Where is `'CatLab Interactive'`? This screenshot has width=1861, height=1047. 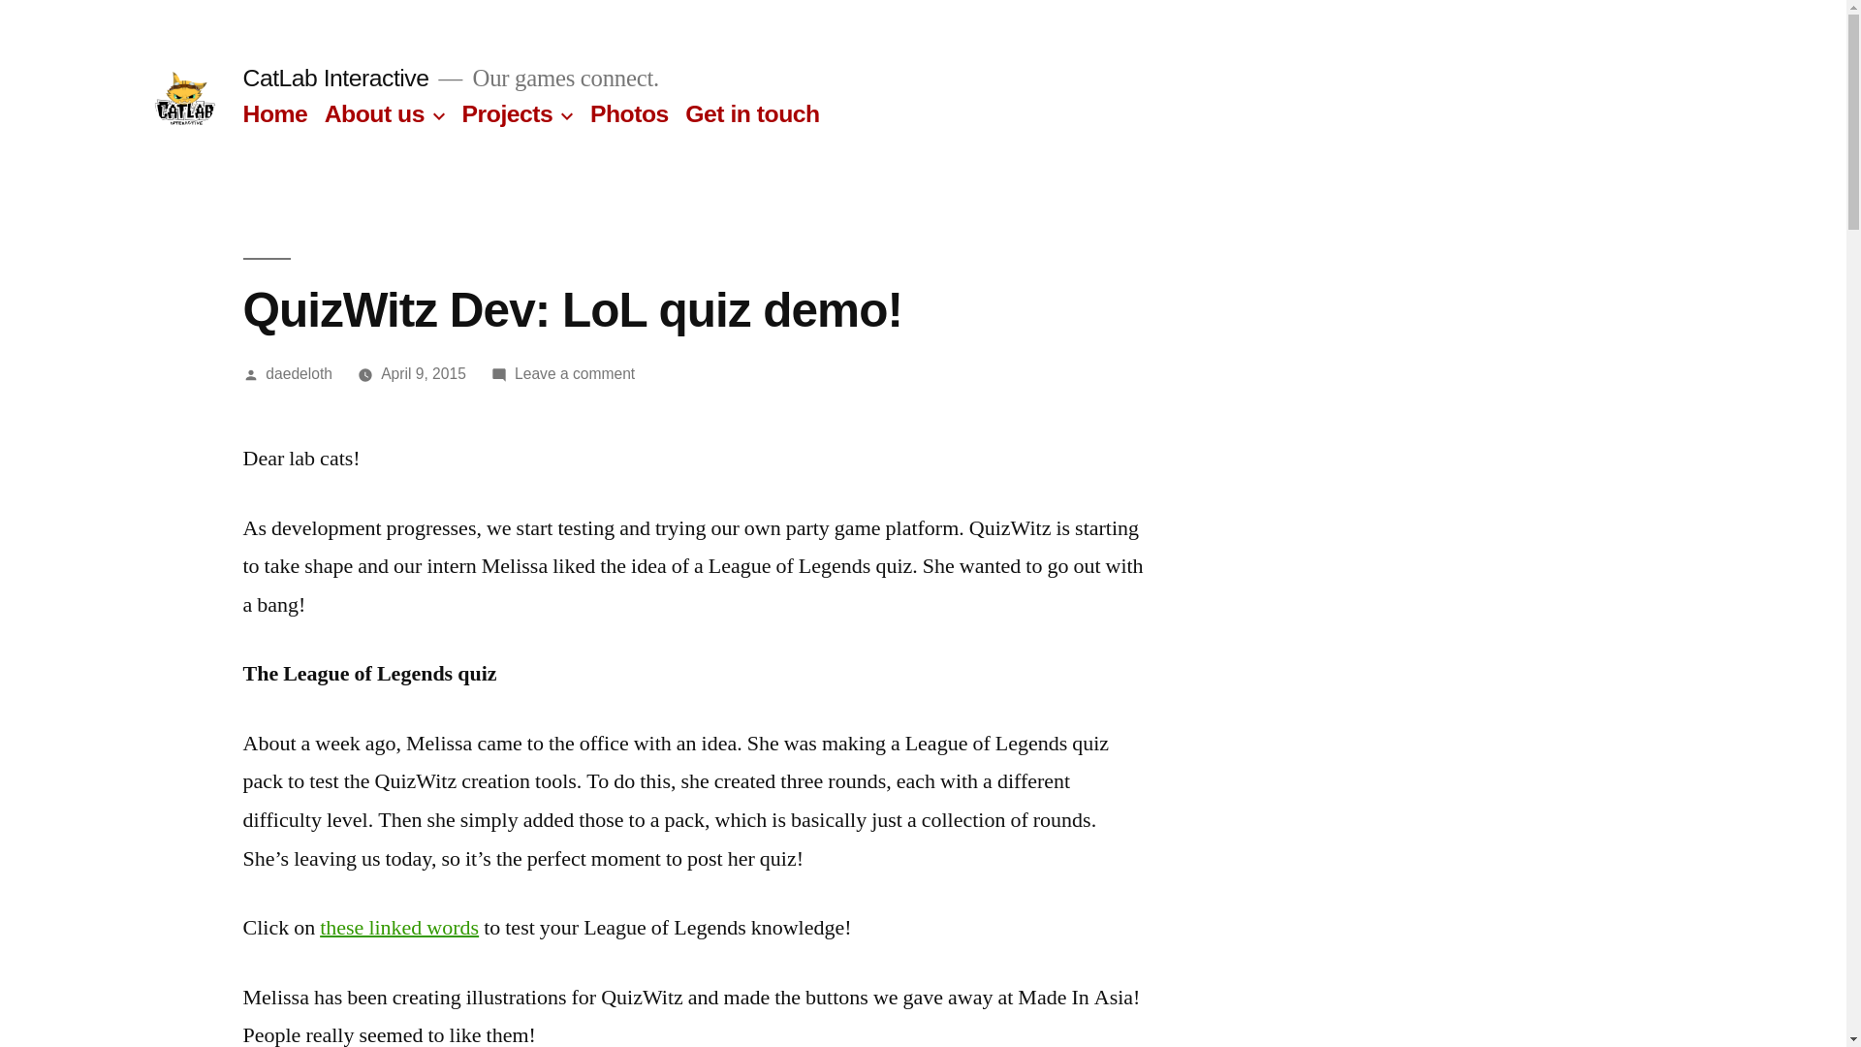
'CatLab Interactive' is located at coordinates (334, 77).